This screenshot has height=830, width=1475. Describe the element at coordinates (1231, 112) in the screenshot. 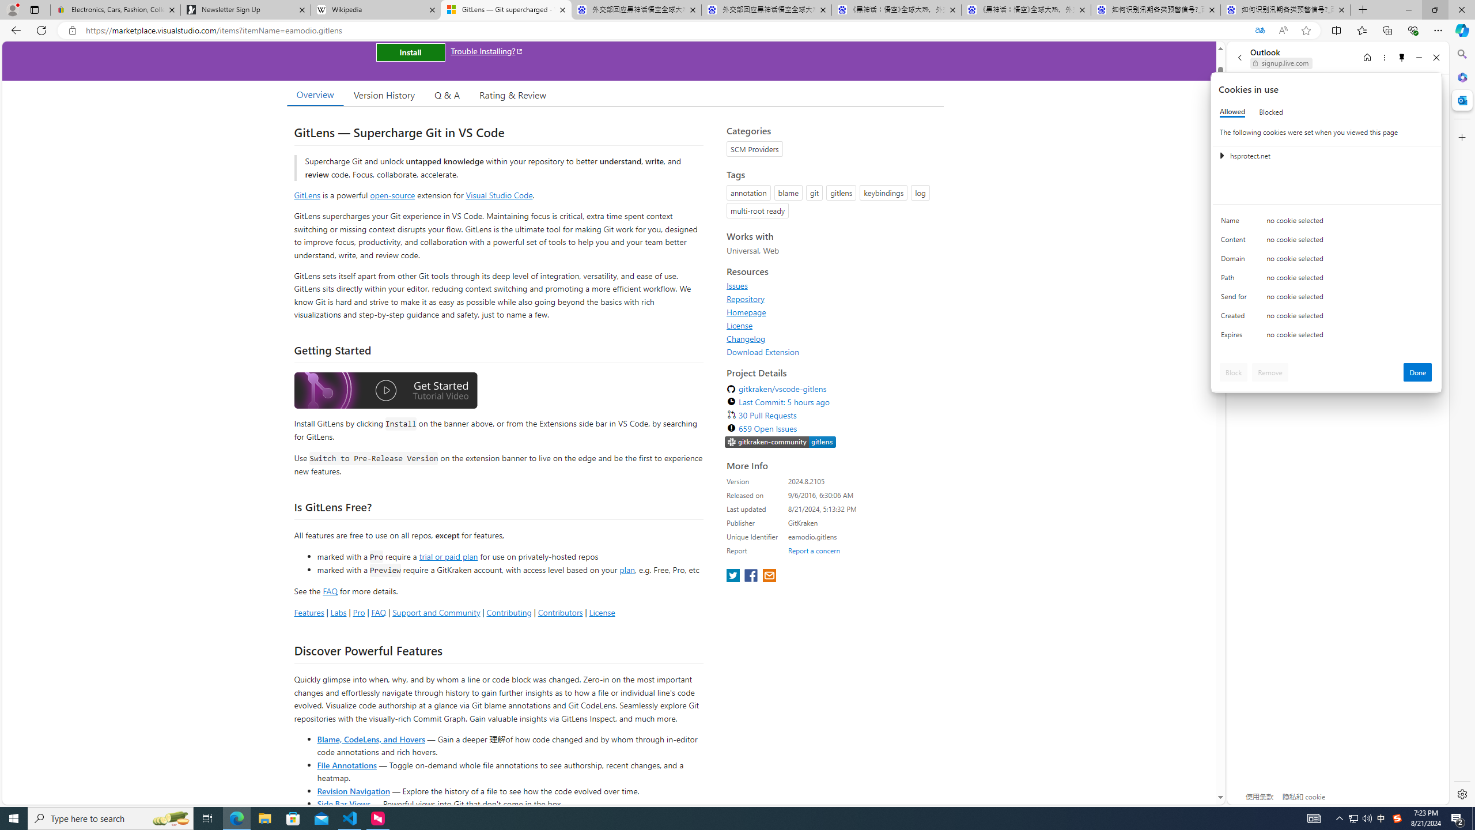

I see `'Allowed'` at that location.